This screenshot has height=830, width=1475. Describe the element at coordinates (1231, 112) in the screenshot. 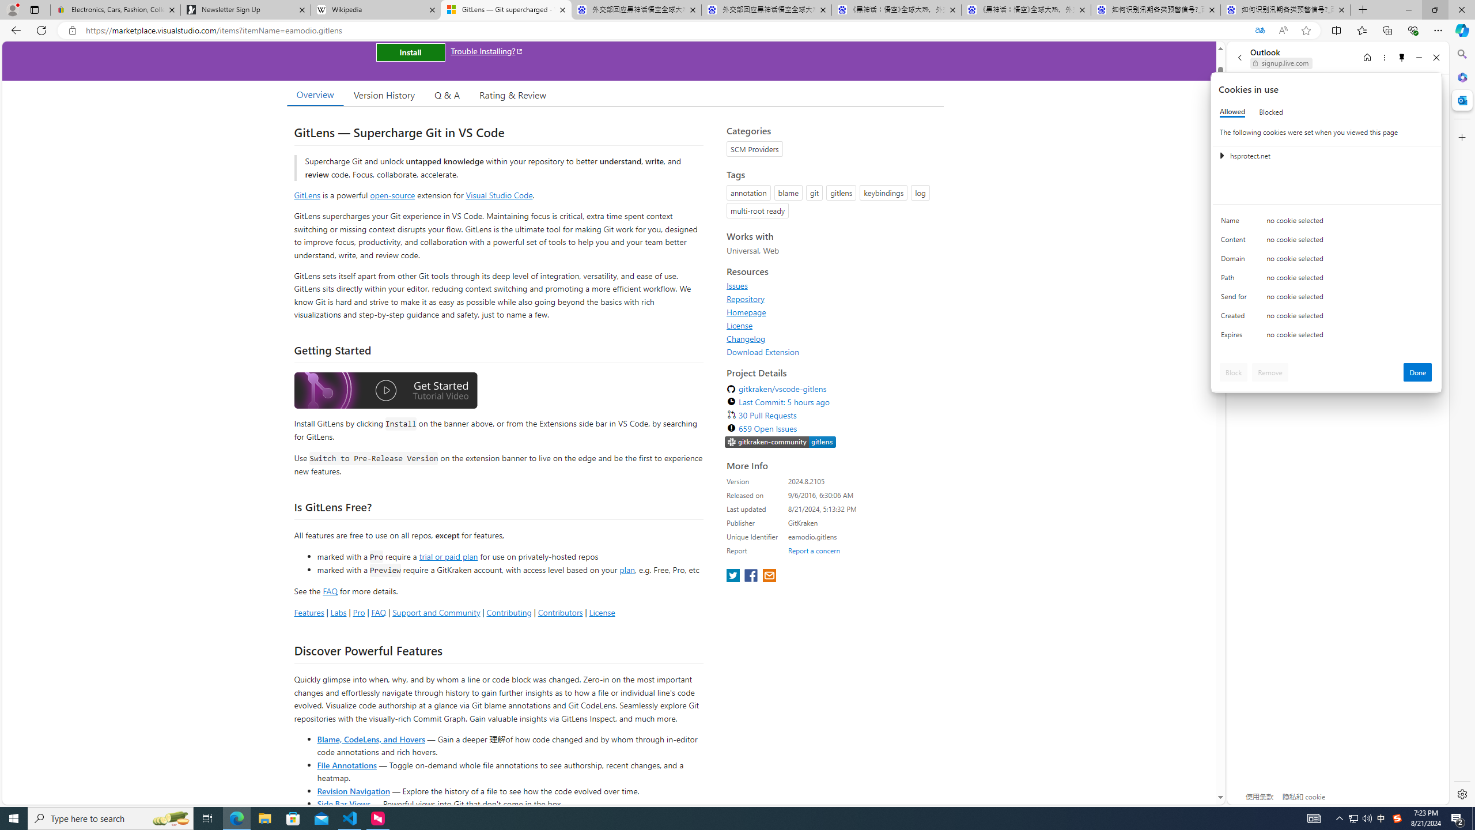

I see `'Allowed'` at that location.